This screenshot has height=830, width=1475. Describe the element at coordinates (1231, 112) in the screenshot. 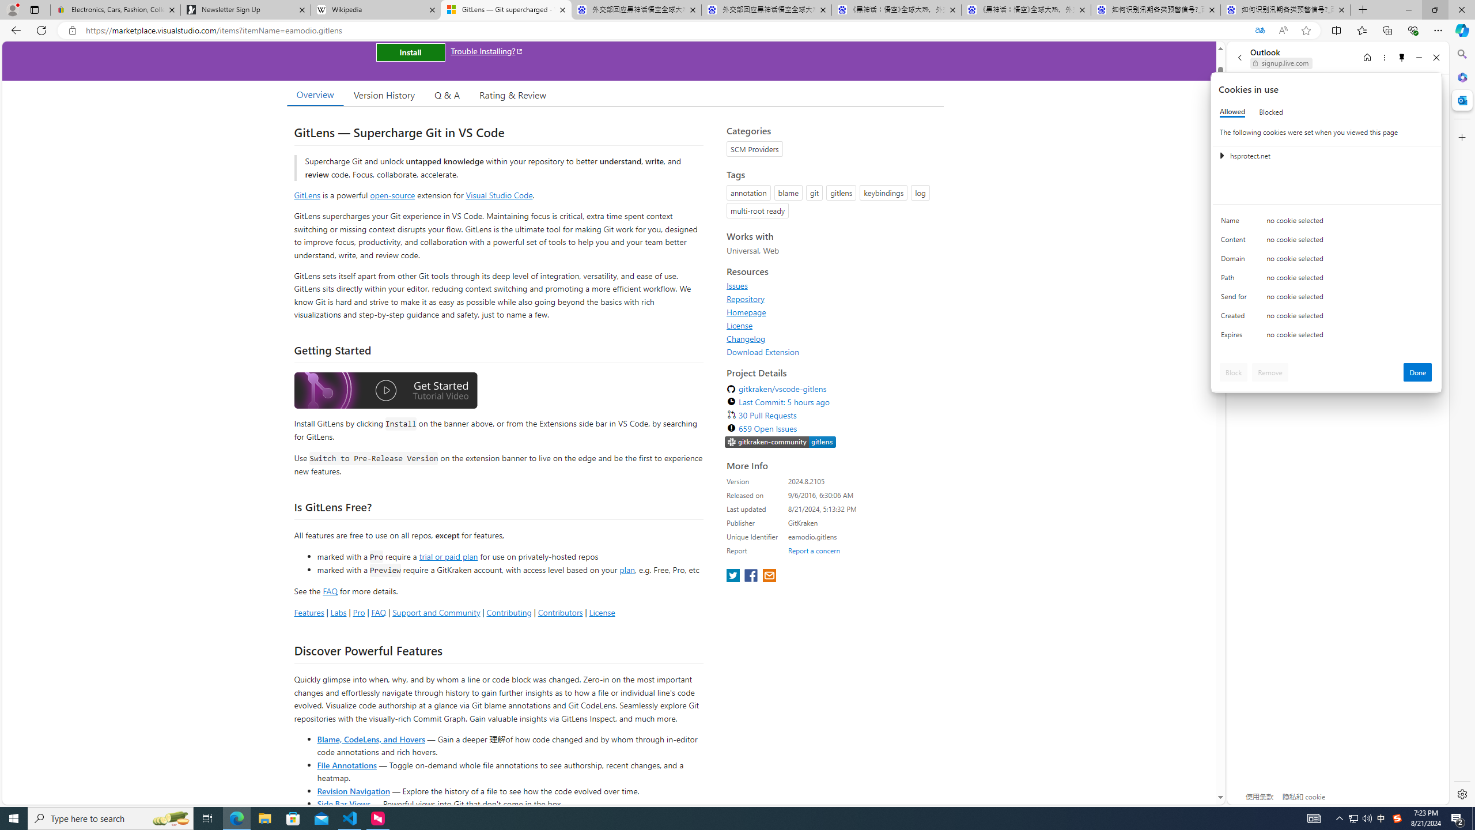

I see `'Allowed'` at that location.